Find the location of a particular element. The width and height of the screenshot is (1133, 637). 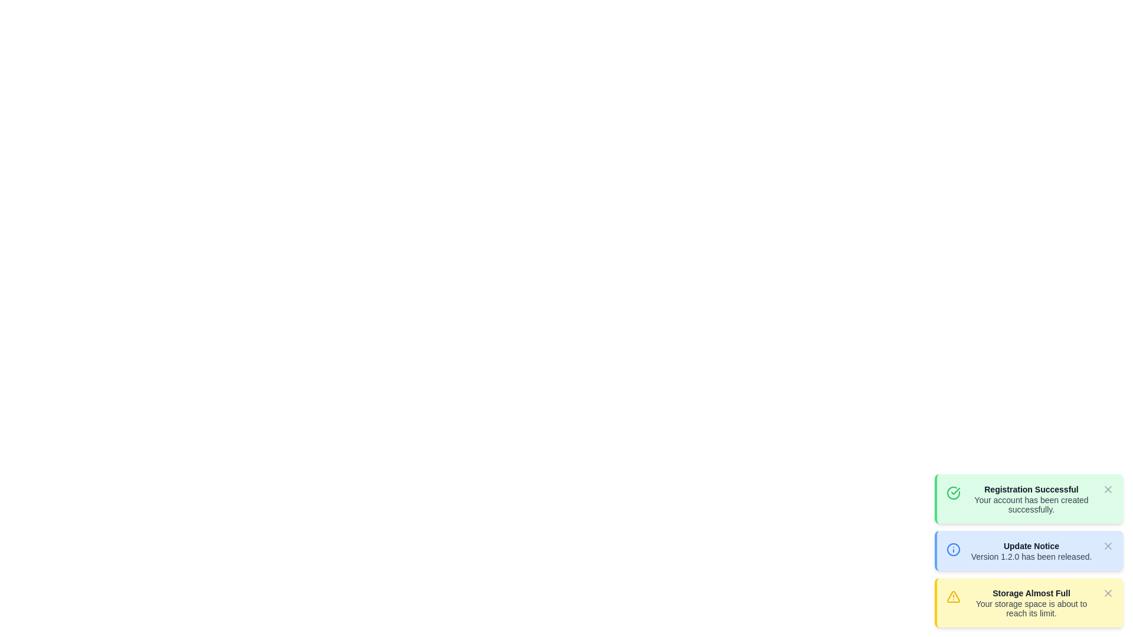

title text indicating successful registration in the notification box with a green background, located at the top of the box is located at coordinates (1030, 489).